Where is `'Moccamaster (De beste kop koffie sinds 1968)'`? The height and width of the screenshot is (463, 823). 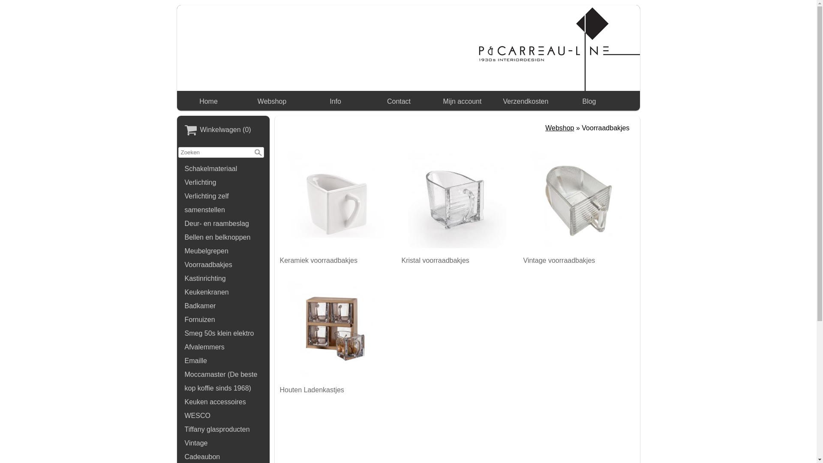
'Moccamaster (De beste kop koffie sinds 1968)' is located at coordinates (223, 381).